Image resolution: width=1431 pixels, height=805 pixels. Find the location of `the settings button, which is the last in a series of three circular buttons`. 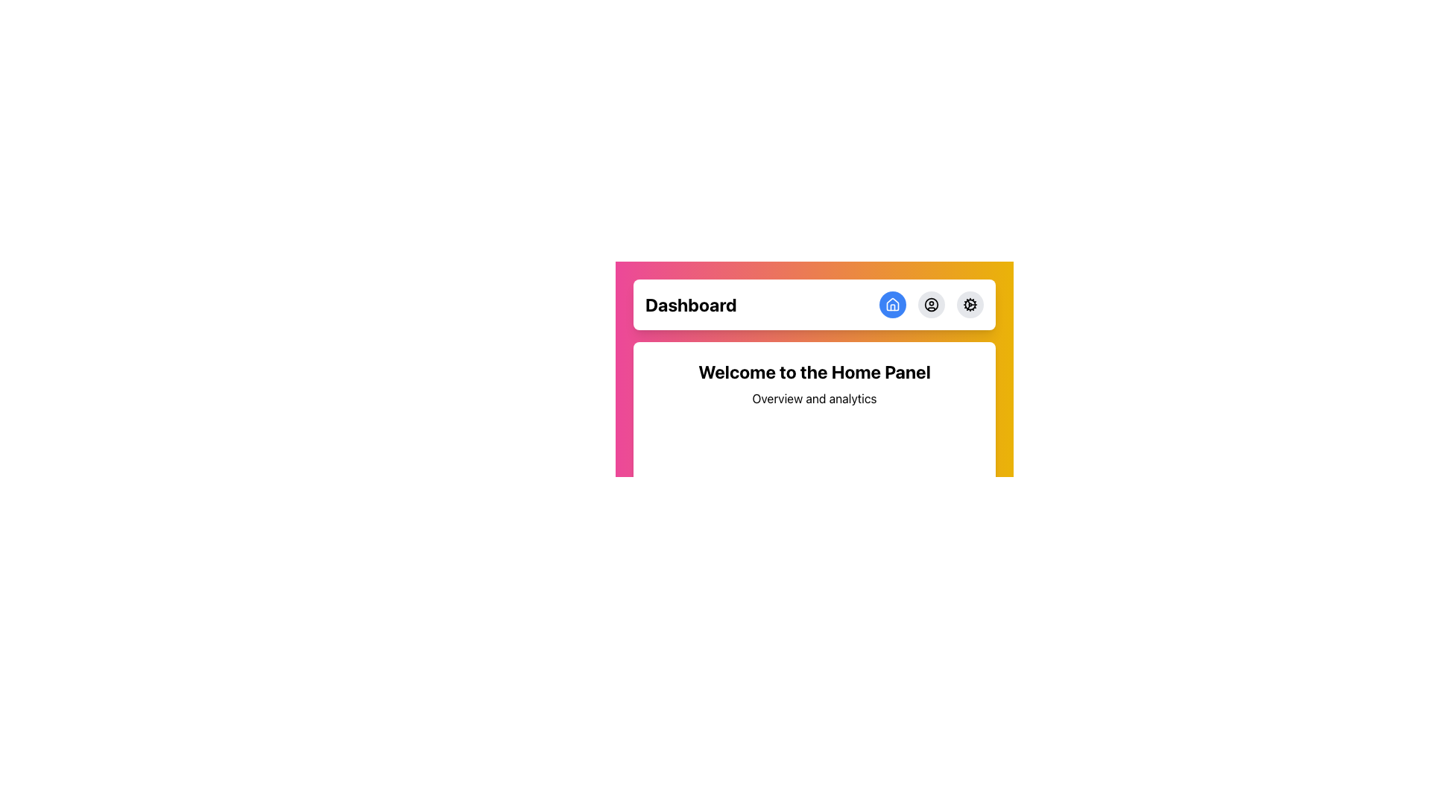

the settings button, which is the last in a series of three circular buttons is located at coordinates (970, 303).